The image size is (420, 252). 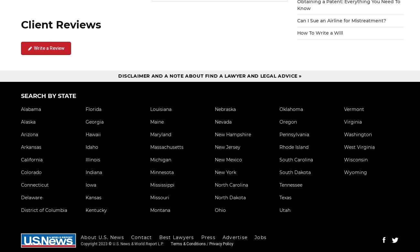 What do you see at coordinates (354, 109) in the screenshot?
I see `'Vermont'` at bounding box center [354, 109].